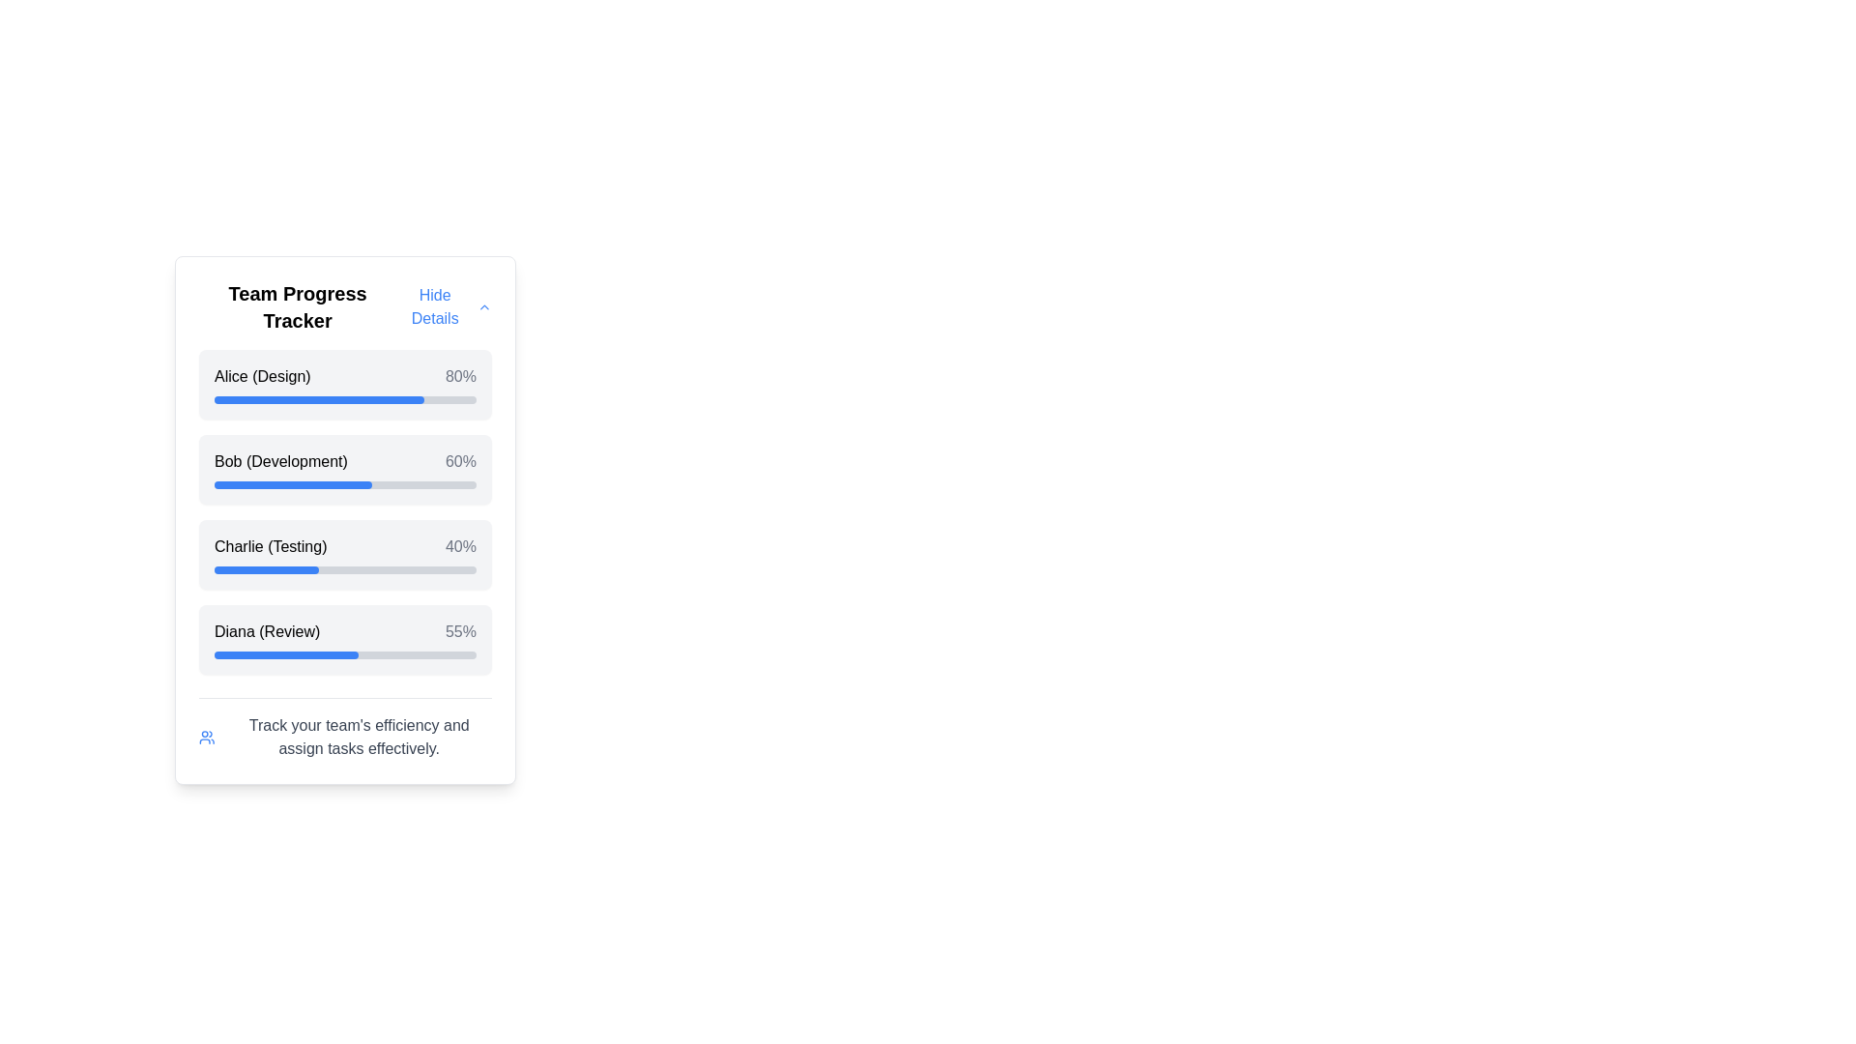 Image resolution: width=1856 pixels, height=1044 pixels. I want to click on the toggle button in the top-right corner of the 'Team Progress Tracker' card, so click(443, 305).